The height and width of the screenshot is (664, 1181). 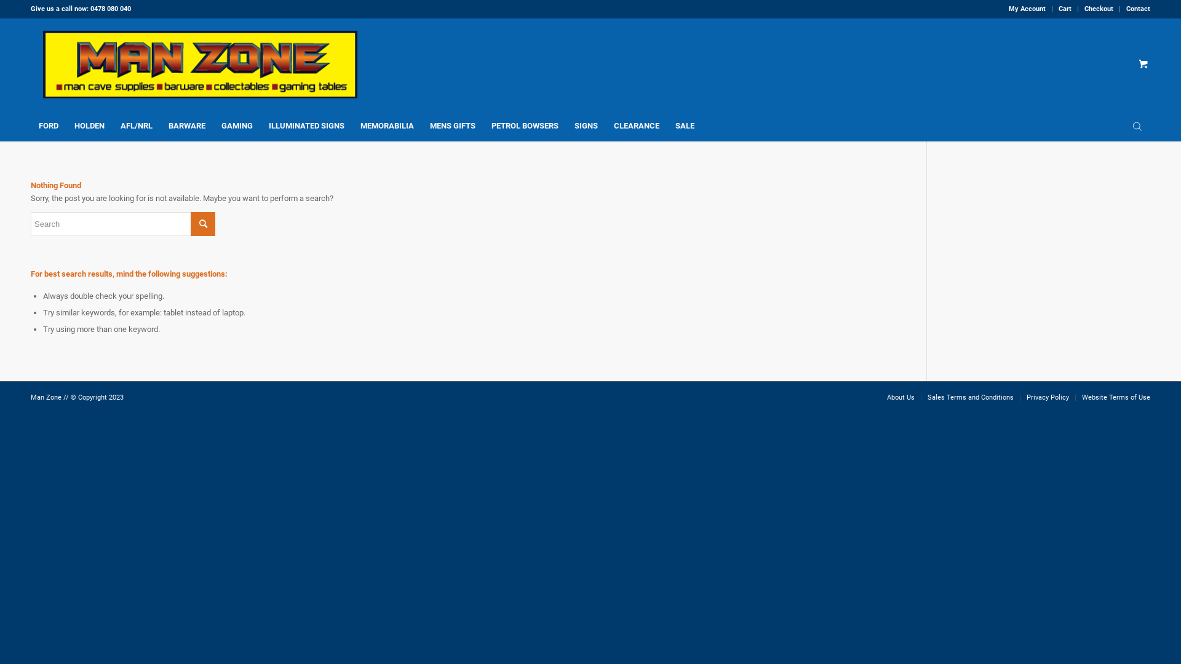 What do you see at coordinates (186, 125) in the screenshot?
I see `'BARWARE'` at bounding box center [186, 125].